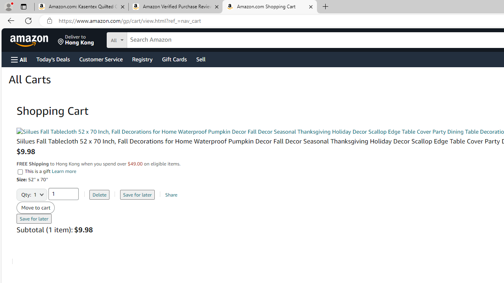 This screenshot has width=504, height=283. What do you see at coordinates (19, 59) in the screenshot?
I see `'Open Menu'` at bounding box center [19, 59].